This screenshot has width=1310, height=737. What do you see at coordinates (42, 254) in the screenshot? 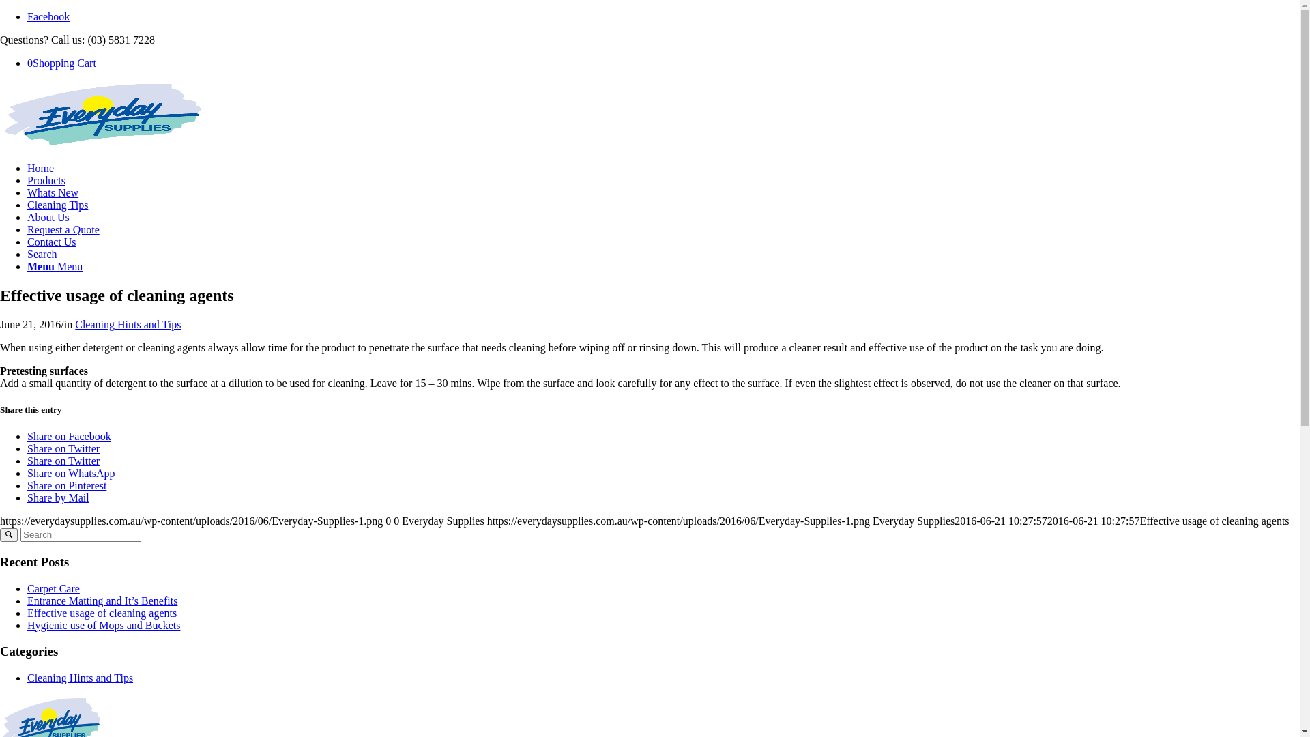
I see `'Search'` at bounding box center [42, 254].